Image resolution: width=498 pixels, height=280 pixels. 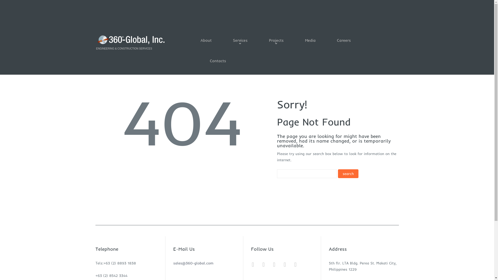 I want to click on 'About', so click(x=206, y=44).